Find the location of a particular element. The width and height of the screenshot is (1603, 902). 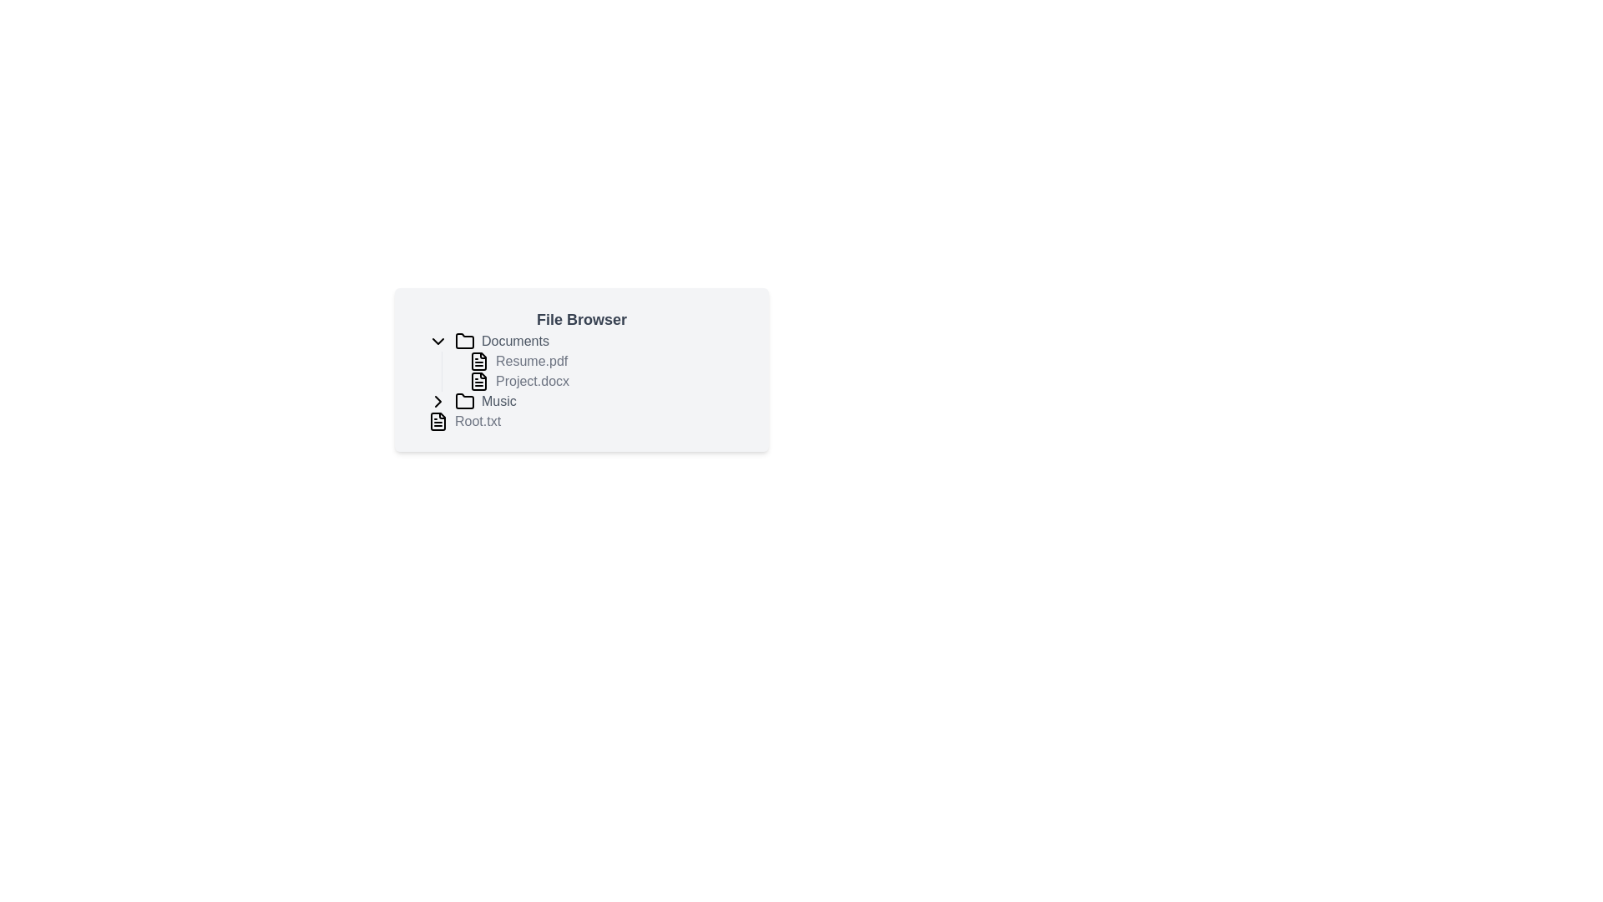

the folder icon representing the 'Music' folder in the file browser interface, which is styled with a minimalist monochrome design is located at coordinates (464, 401).